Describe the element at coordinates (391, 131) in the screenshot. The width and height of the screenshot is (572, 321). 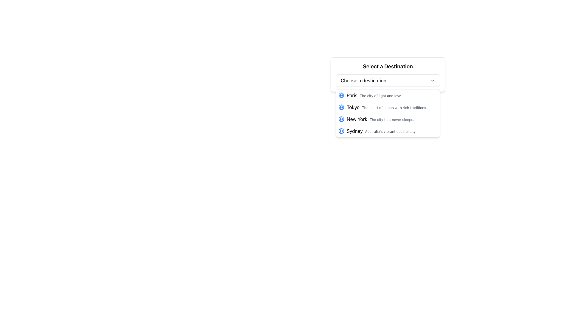
I see `the text label that describes 'Australia's vibrant coastal city' located below the title 'Sydney' in the dropdown menu` at that location.